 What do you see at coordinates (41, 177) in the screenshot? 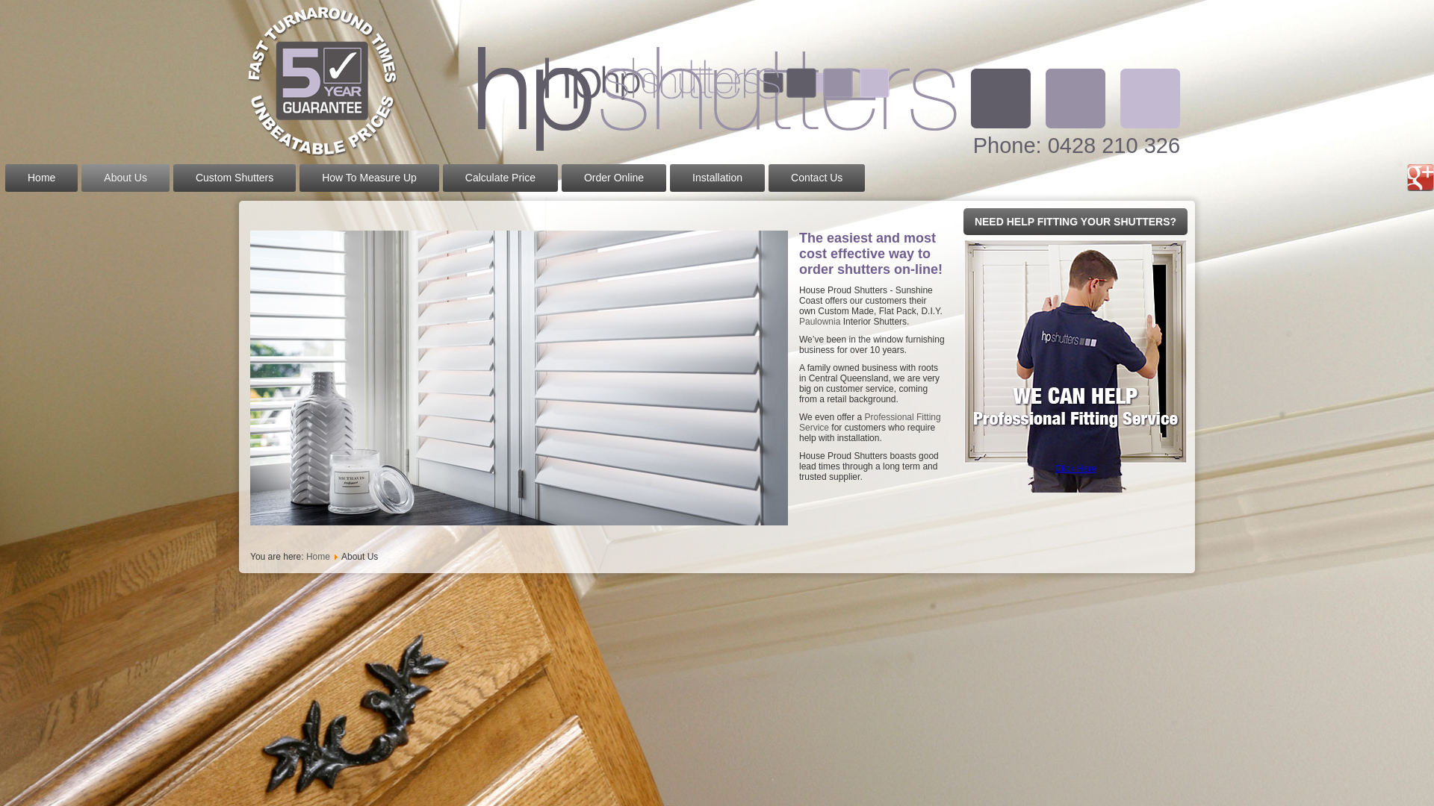
I see `'Home'` at bounding box center [41, 177].